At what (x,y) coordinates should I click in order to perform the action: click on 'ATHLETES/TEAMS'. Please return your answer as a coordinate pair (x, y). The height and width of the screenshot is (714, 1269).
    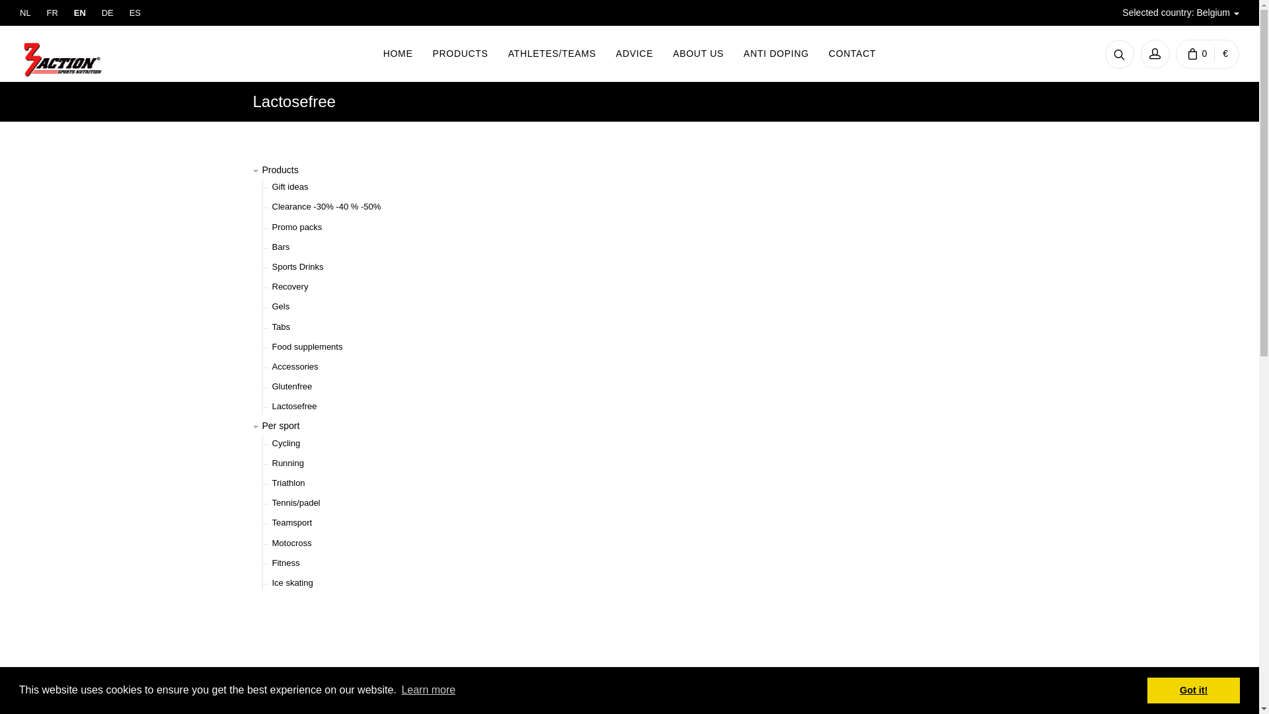
    Looking at the image, I should click on (552, 53).